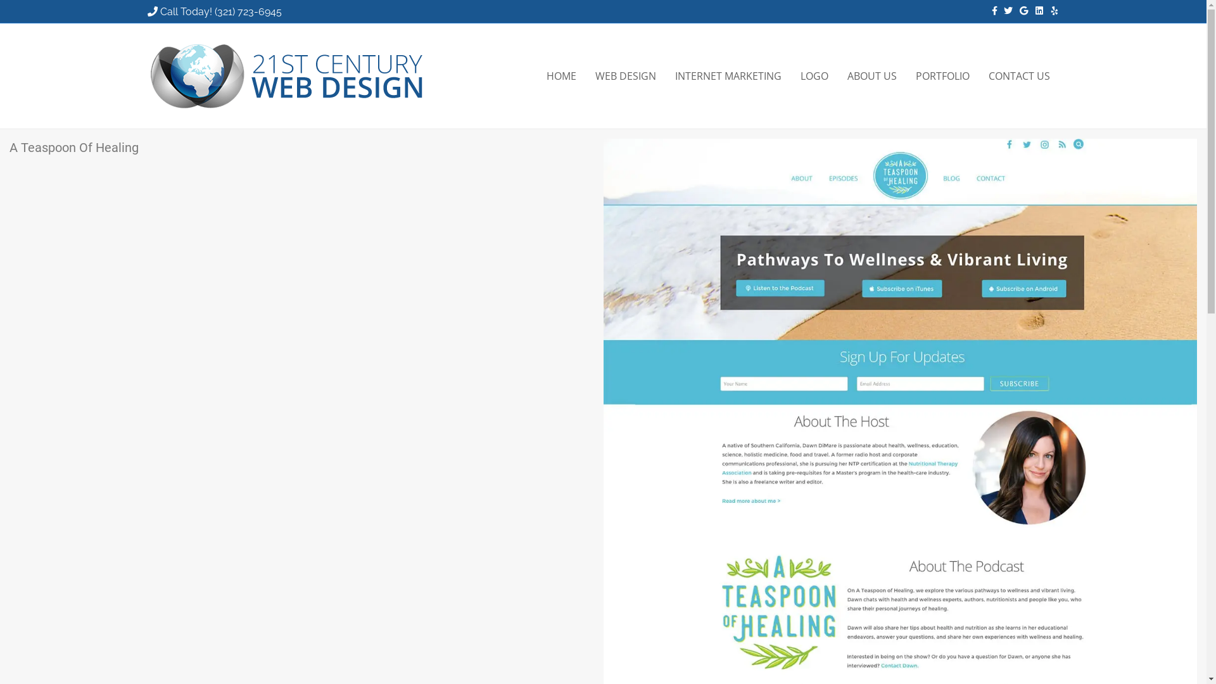 This screenshot has width=1216, height=684. Describe the element at coordinates (1027, 9) in the screenshot. I see `'Linkedin'` at that location.